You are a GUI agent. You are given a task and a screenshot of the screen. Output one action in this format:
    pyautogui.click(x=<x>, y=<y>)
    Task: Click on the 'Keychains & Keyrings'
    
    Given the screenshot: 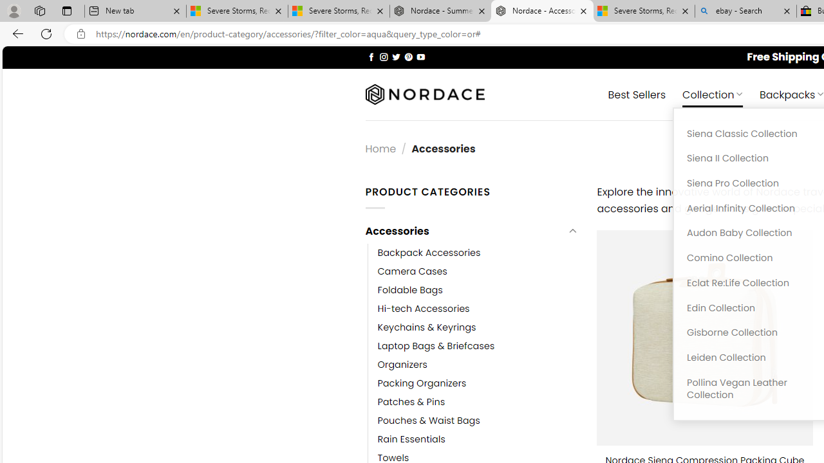 What is the action you would take?
    pyautogui.click(x=427, y=327)
    